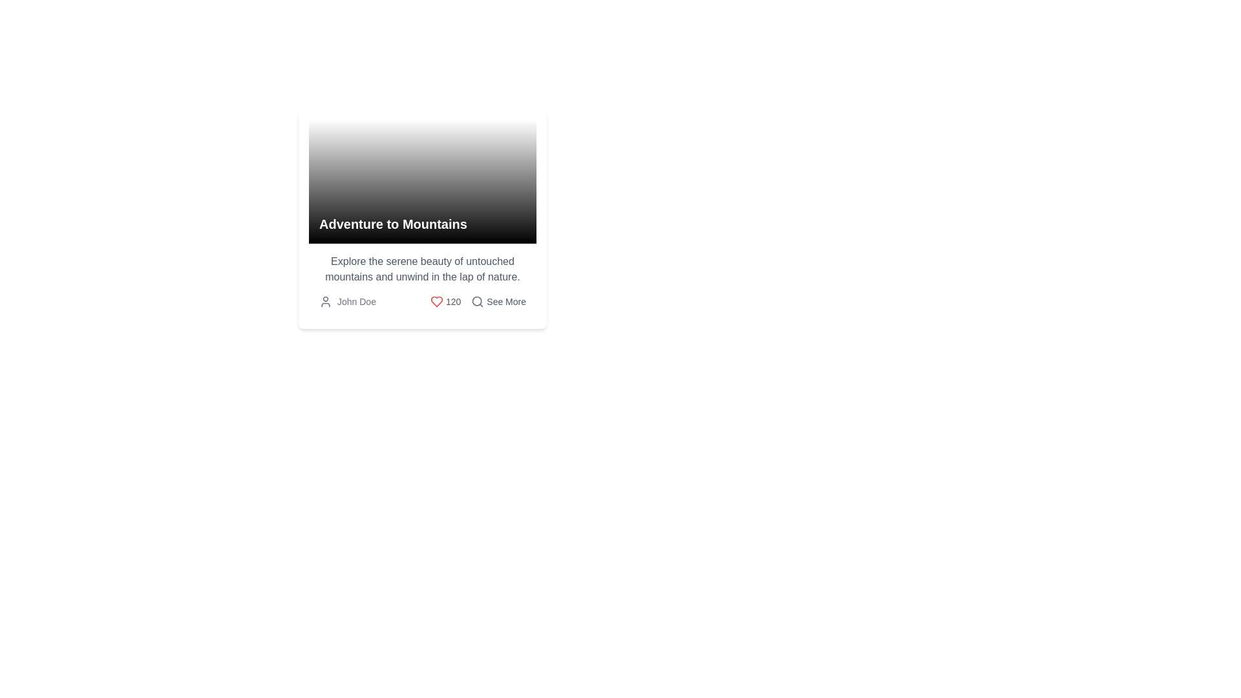 Image resolution: width=1241 pixels, height=698 pixels. I want to click on the Text Label displaying '120', which is styled in a small gray font and positioned to the right of a heart-shaped icon at the bottom center of the card layout, so click(453, 301).